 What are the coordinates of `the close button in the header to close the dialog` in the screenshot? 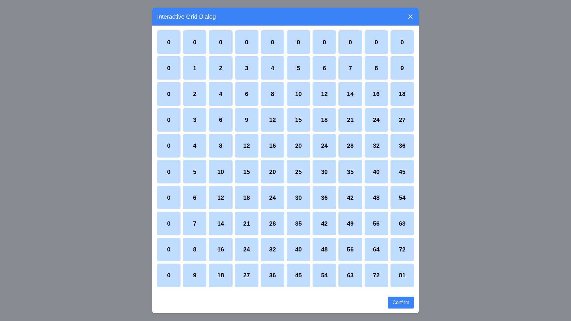 It's located at (410, 16).